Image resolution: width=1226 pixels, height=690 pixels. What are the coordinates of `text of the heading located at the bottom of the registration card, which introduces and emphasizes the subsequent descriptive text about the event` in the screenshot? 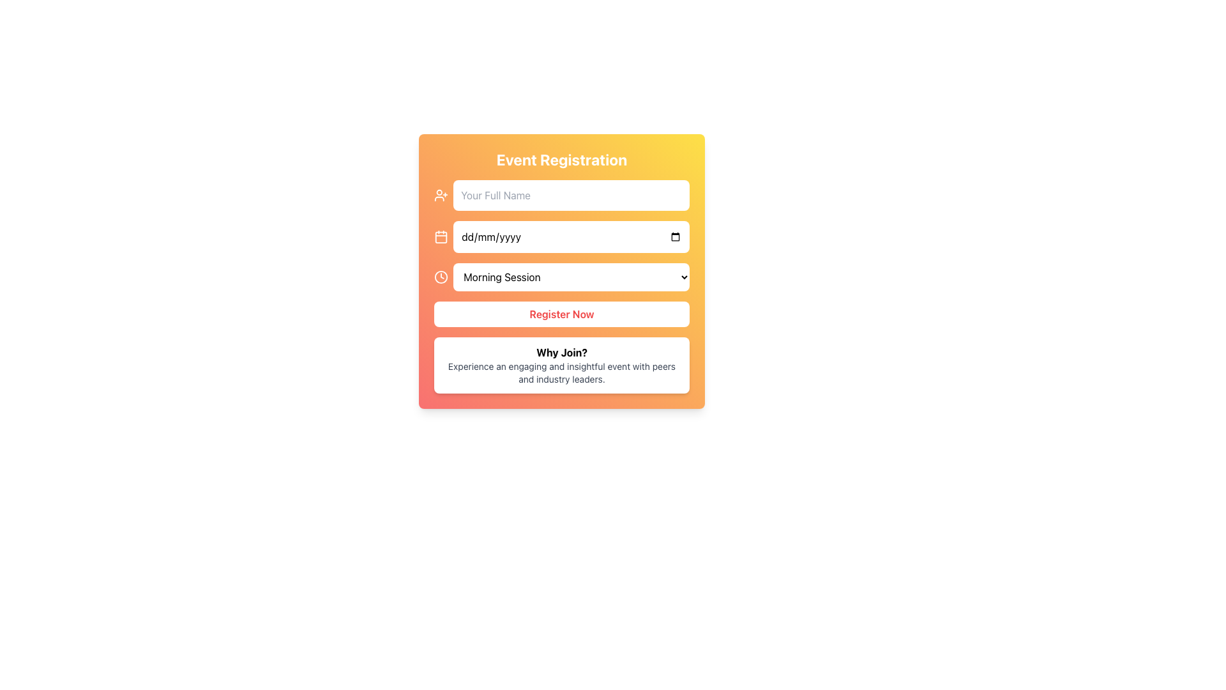 It's located at (561, 352).